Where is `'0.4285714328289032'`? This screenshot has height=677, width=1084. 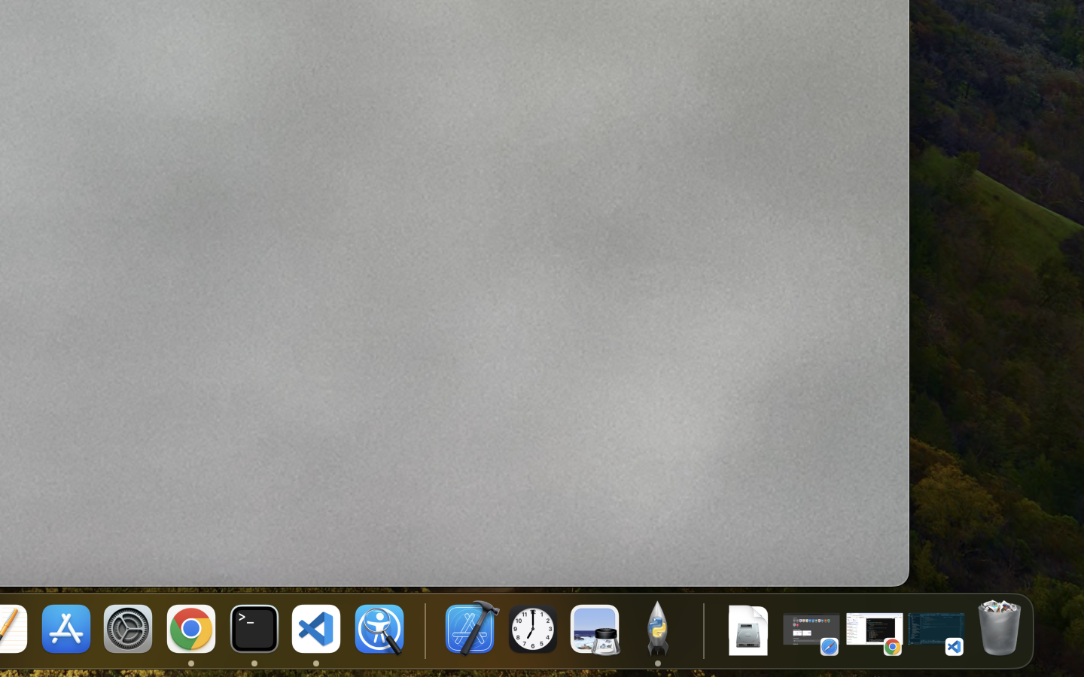
'0.4285714328289032' is located at coordinates (423, 630).